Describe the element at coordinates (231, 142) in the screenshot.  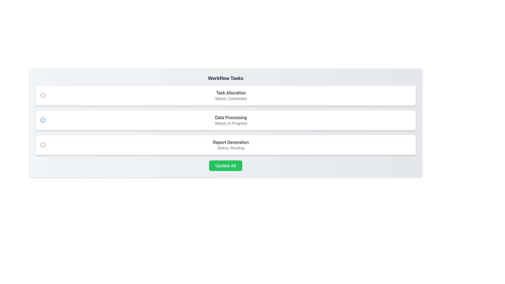
I see `the 'Report Generation' text label, which is displayed in a bold, grayish-black font and is positioned centrally above the 'Status: Pending' text in the Report Generation section` at that location.